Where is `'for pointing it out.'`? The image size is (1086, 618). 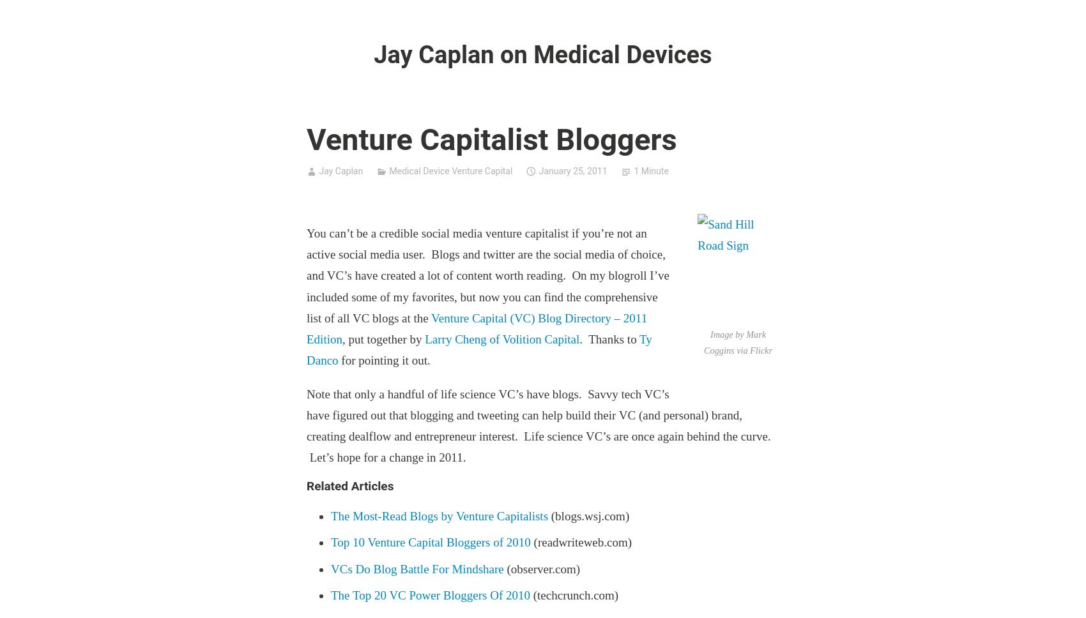
'for pointing it out.' is located at coordinates (383, 359).